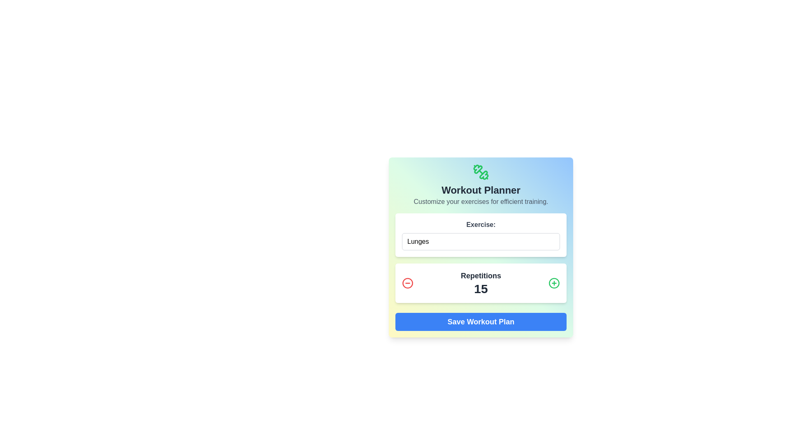 This screenshot has width=790, height=444. I want to click on the green dumbbell icon located at the top of the card interface, which is above the 'Workout Planner' text, so click(481, 172).